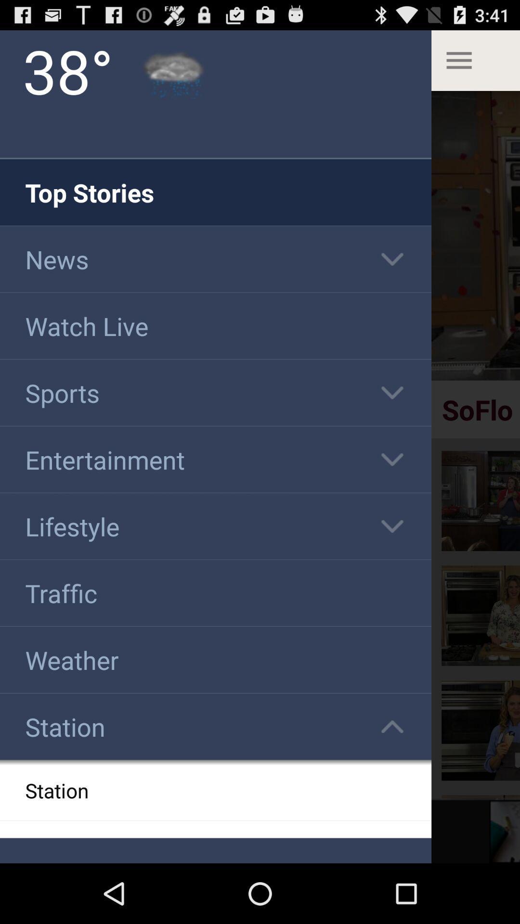 The width and height of the screenshot is (520, 924). I want to click on the image beside the option traffic, so click(481, 615).